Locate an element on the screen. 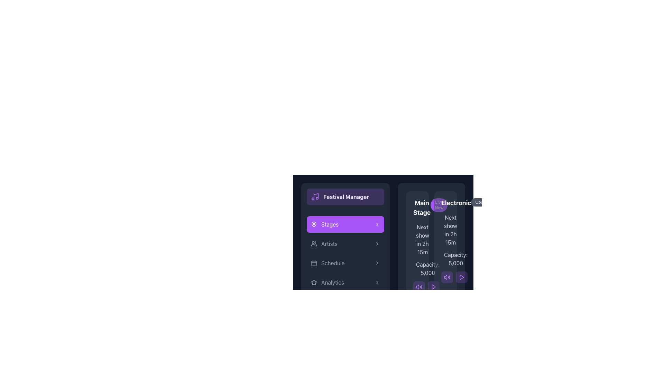  the 'Schedule' button, which is the fourth button in the vertical menu list under 'Festival Manager', located below the 'Artists' button and above the 'Analytics' button is located at coordinates (345, 263).